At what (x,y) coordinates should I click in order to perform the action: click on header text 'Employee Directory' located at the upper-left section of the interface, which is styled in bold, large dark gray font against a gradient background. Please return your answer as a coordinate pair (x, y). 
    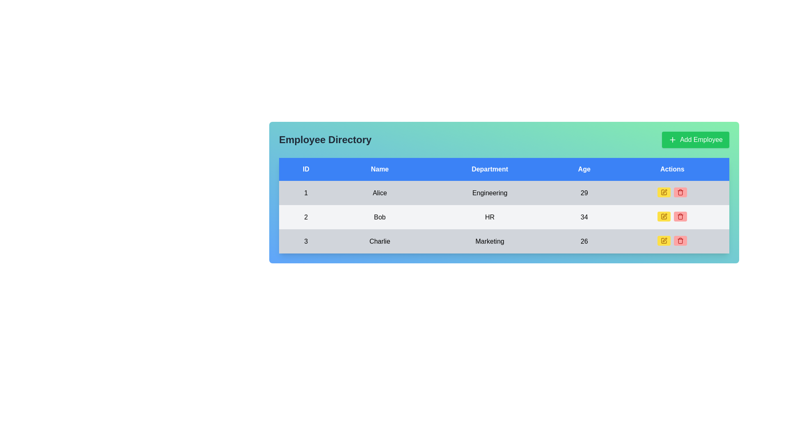
    Looking at the image, I should click on (325, 139).